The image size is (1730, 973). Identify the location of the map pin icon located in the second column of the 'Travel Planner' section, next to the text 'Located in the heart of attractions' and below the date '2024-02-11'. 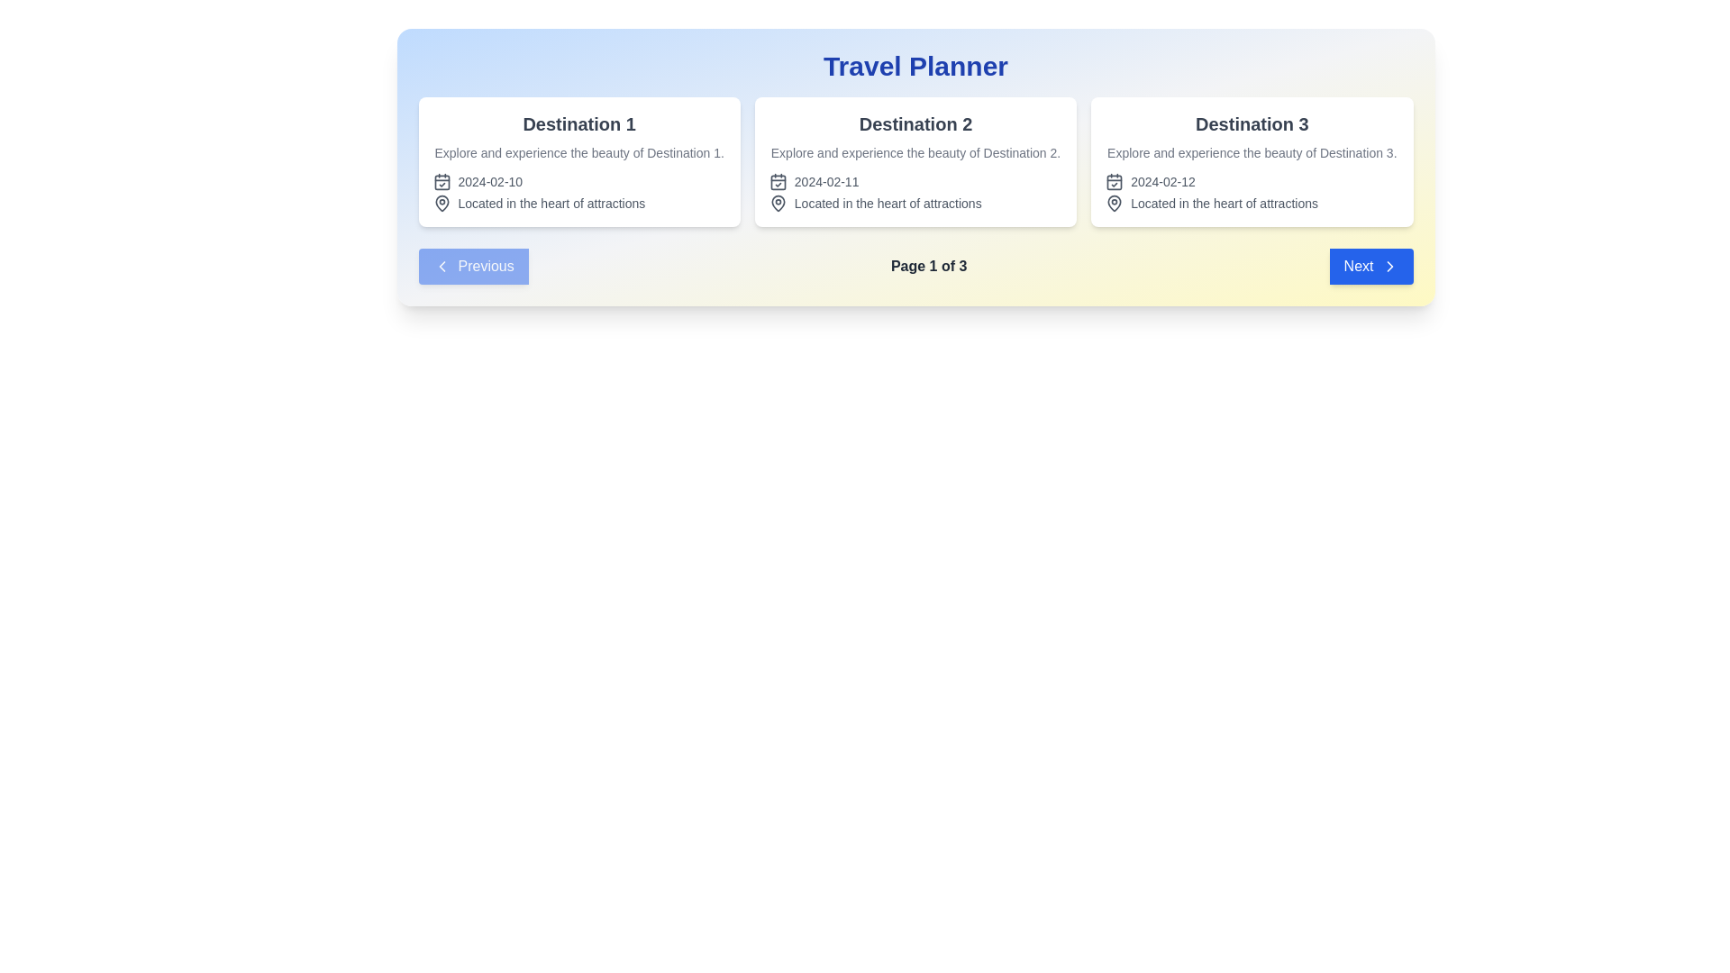
(778, 203).